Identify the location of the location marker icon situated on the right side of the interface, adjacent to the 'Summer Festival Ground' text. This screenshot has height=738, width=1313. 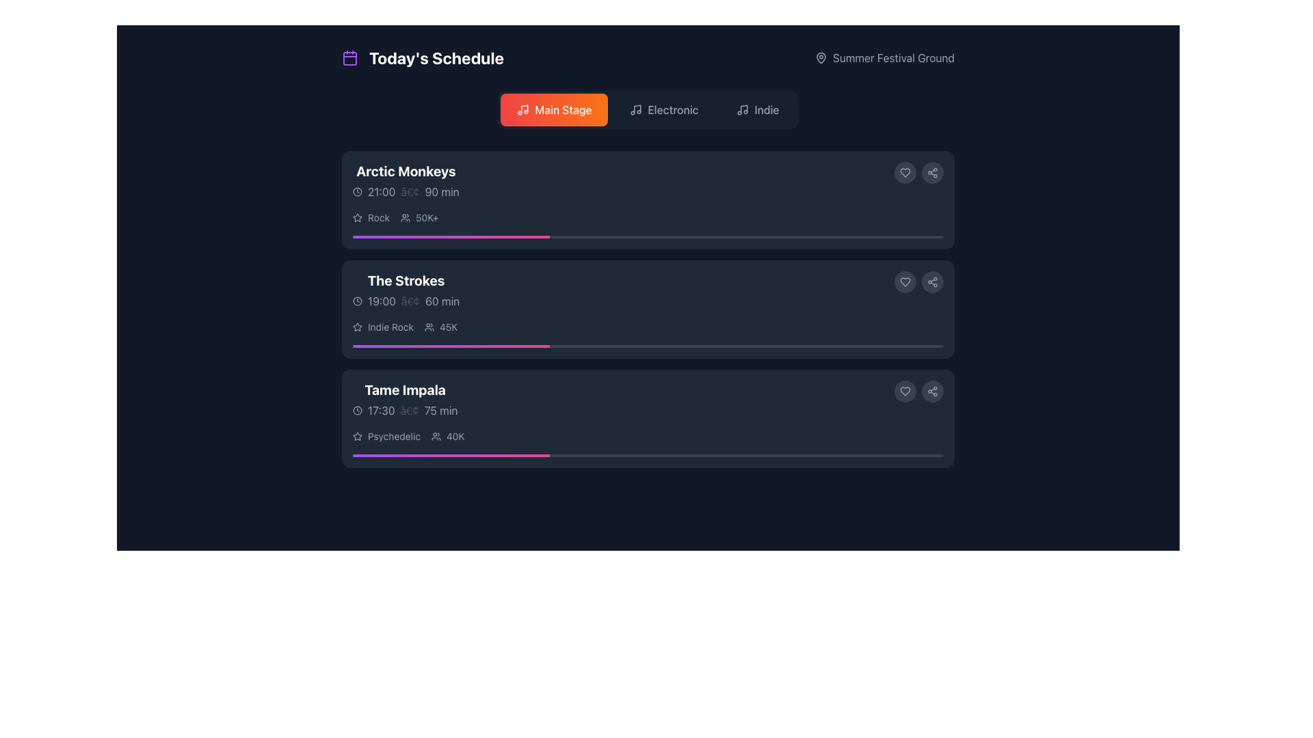
(821, 57).